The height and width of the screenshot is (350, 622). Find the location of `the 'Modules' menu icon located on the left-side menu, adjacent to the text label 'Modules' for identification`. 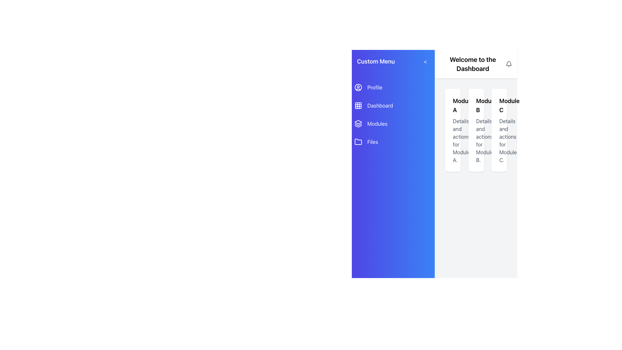

the 'Modules' menu icon located on the left-side menu, adjacent to the text label 'Modules' for identification is located at coordinates (358, 123).